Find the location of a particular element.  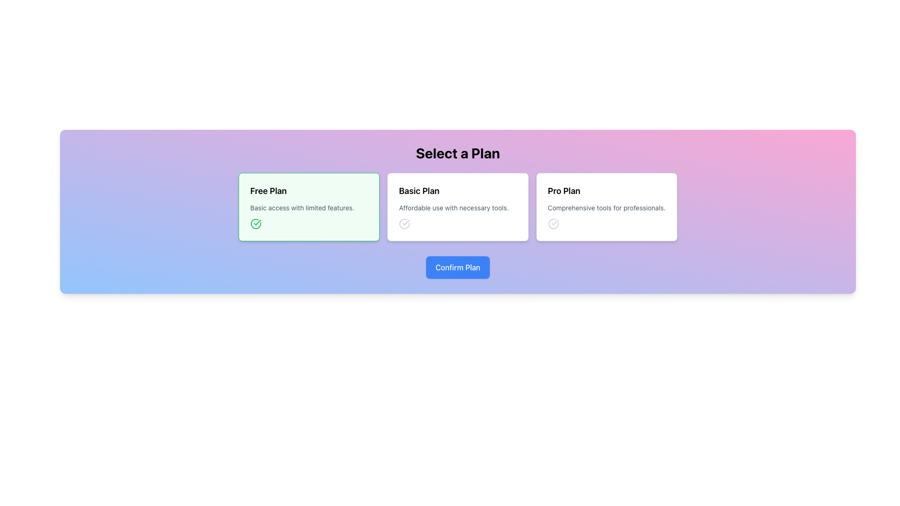

the circular icon with a green outline located at the bottom-left corner of the 'Free Plan' card is located at coordinates (255, 224).